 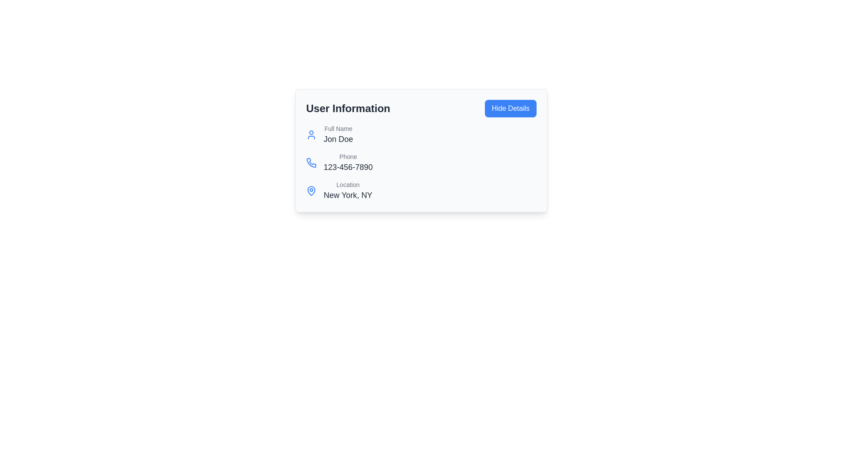 I want to click on the icon representing the location for 'Location New York, NY', which is positioned at the beginning of the row containing this text, so click(x=311, y=190).